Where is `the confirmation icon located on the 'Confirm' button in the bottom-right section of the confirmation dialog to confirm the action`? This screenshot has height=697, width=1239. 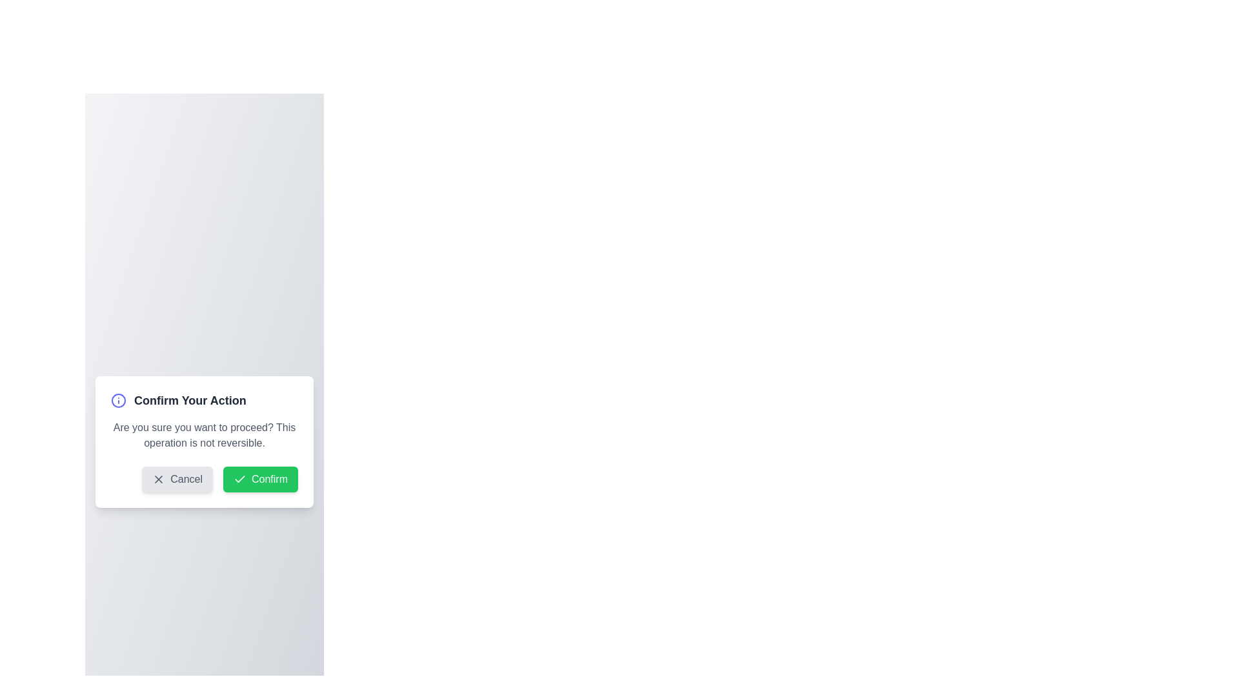 the confirmation icon located on the 'Confirm' button in the bottom-right section of the confirmation dialog to confirm the action is located at coordinates (239, 480).